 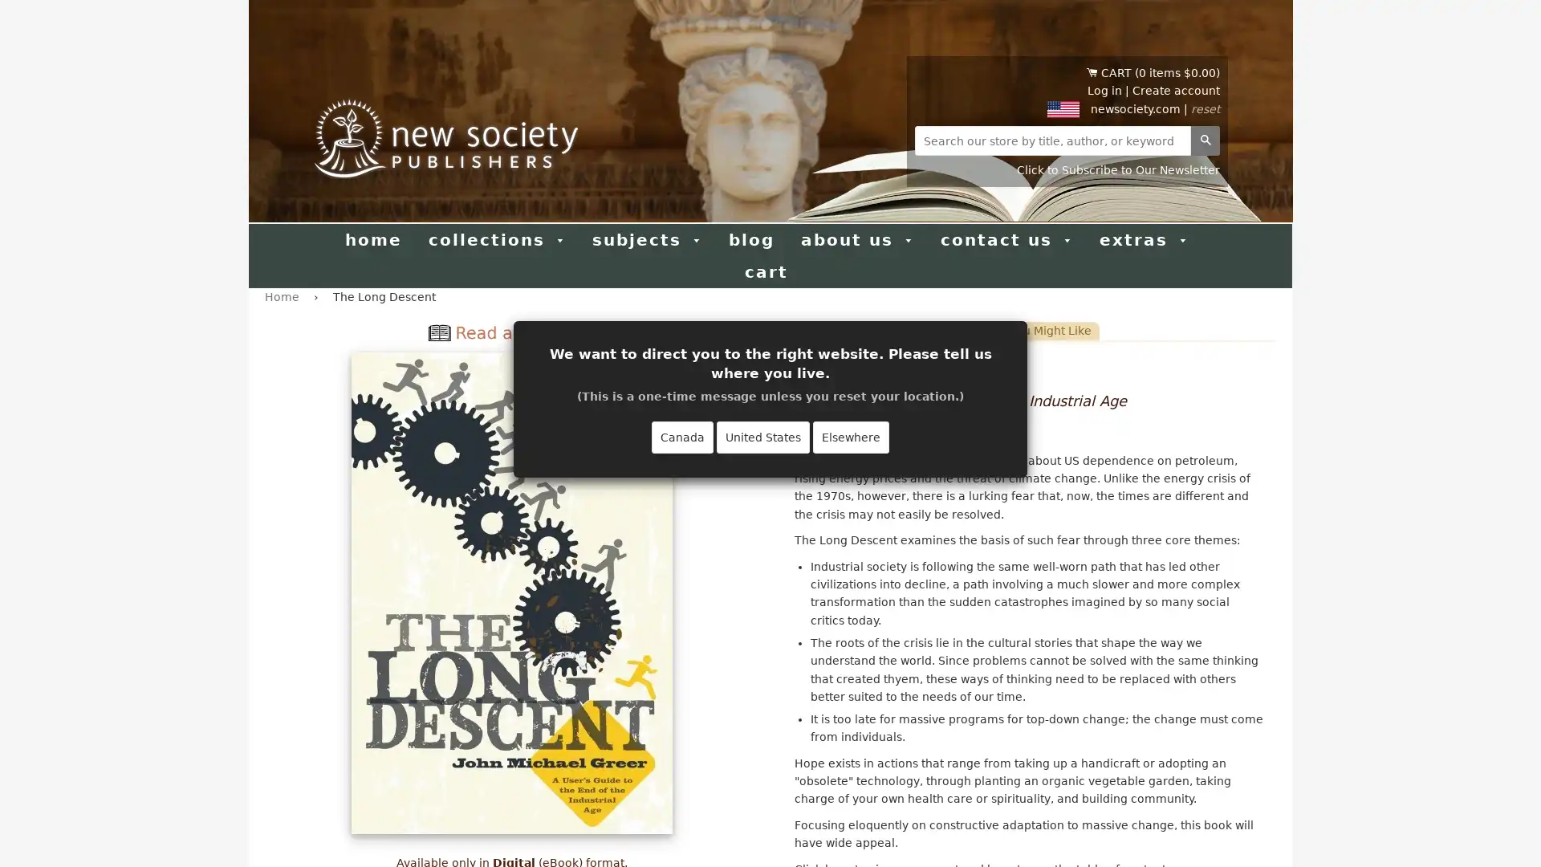 I want to click on Canada, so click(x=682, y=437).